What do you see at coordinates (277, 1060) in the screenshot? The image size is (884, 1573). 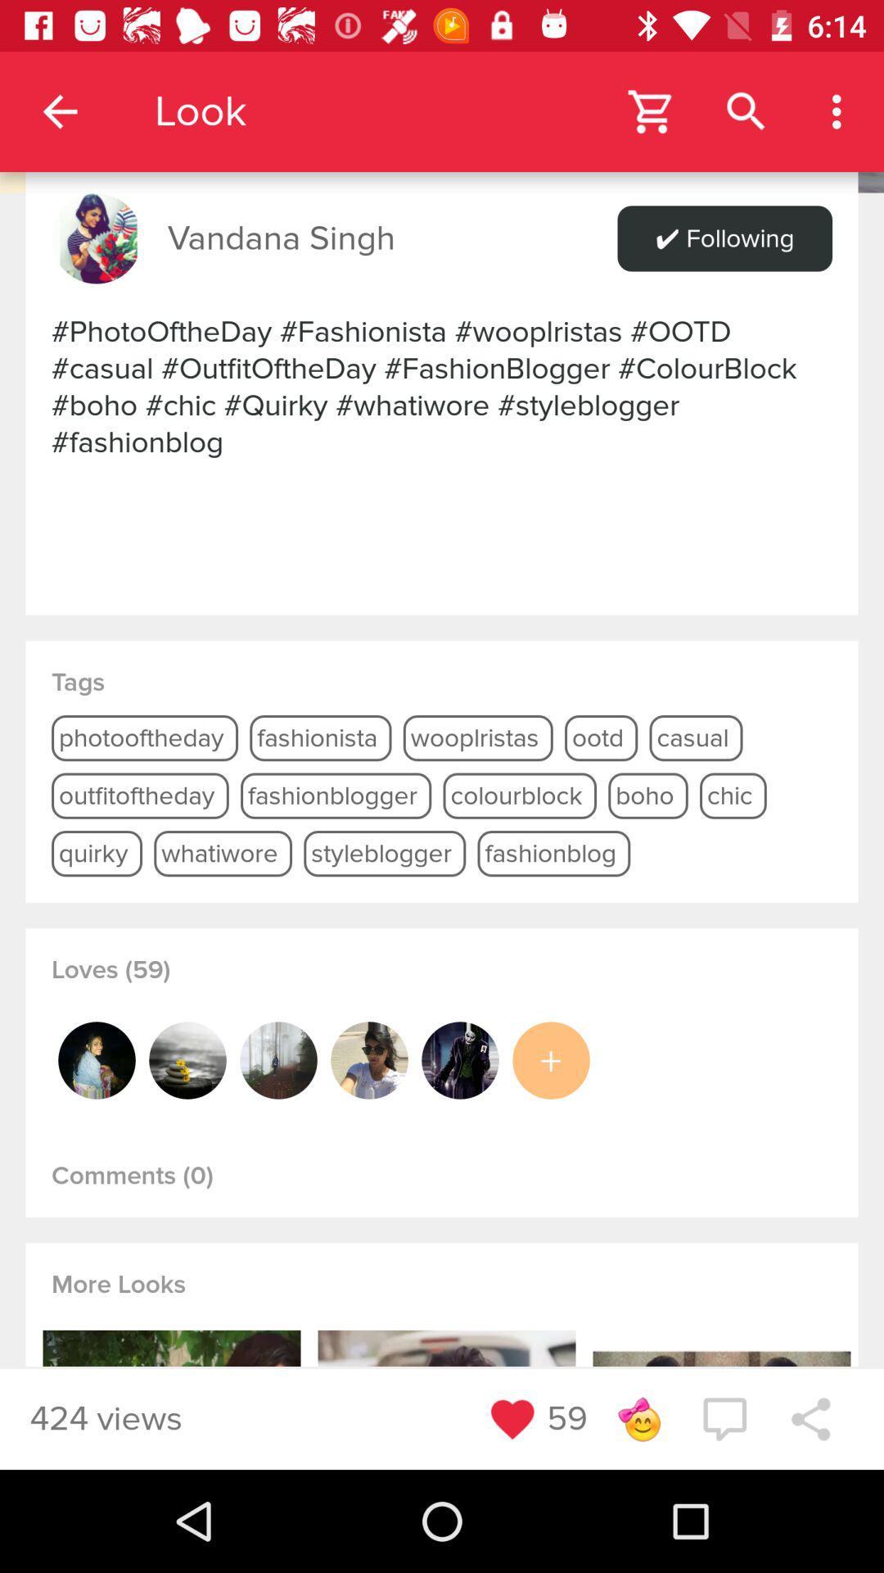 I see `who like your post` at bounding box center [277, 1060].